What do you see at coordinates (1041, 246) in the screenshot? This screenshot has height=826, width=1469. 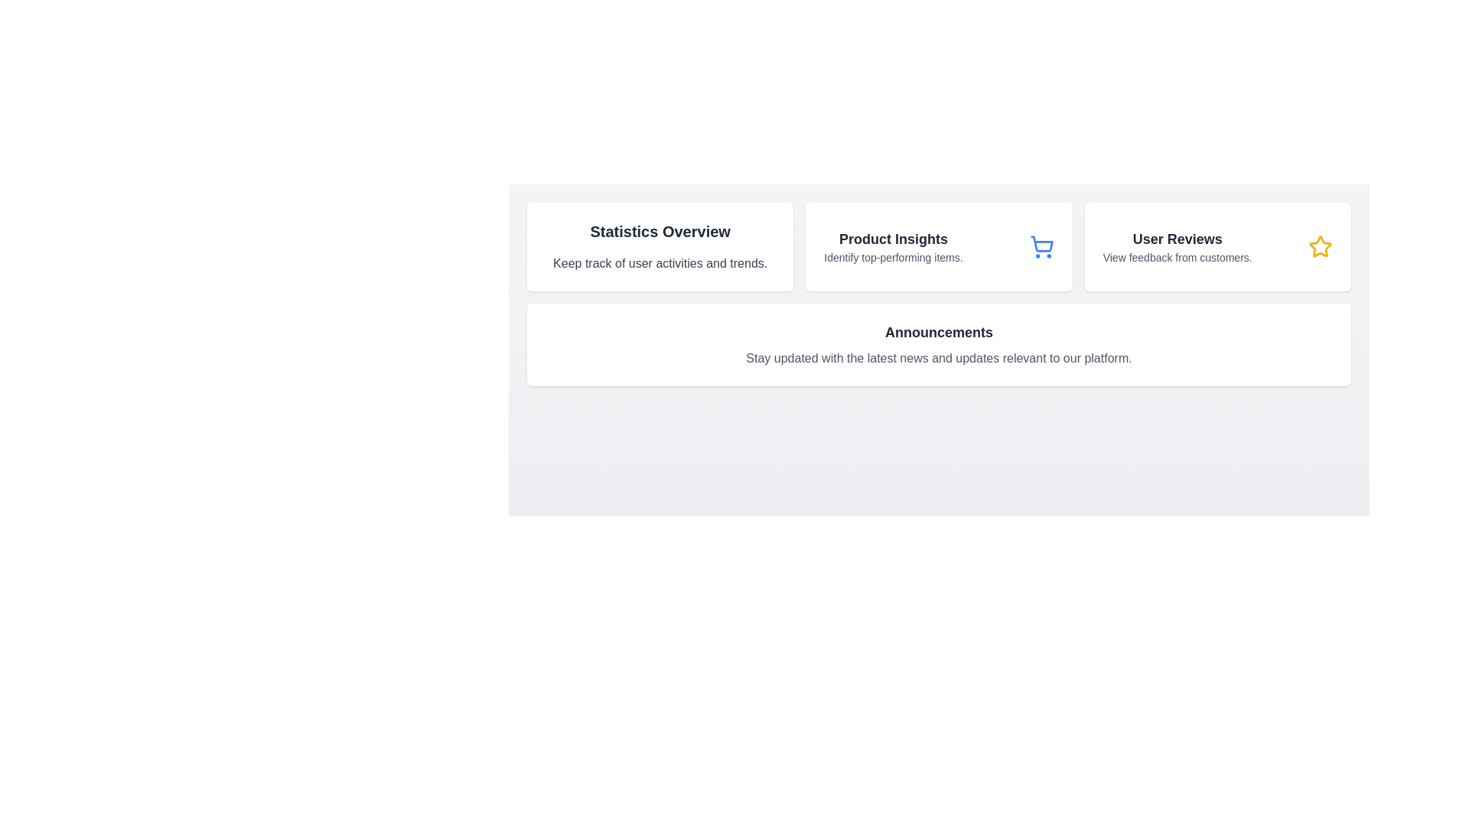 I see `the blue shopping cart icon located at the top-right corner of the 'Product Insights' section, which features a round line shape and two small wheels` at bounding box center [1041, 246].